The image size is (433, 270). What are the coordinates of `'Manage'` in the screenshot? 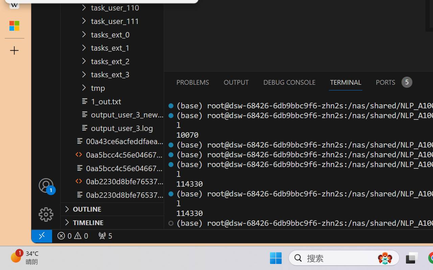 It's located at (45, 199).